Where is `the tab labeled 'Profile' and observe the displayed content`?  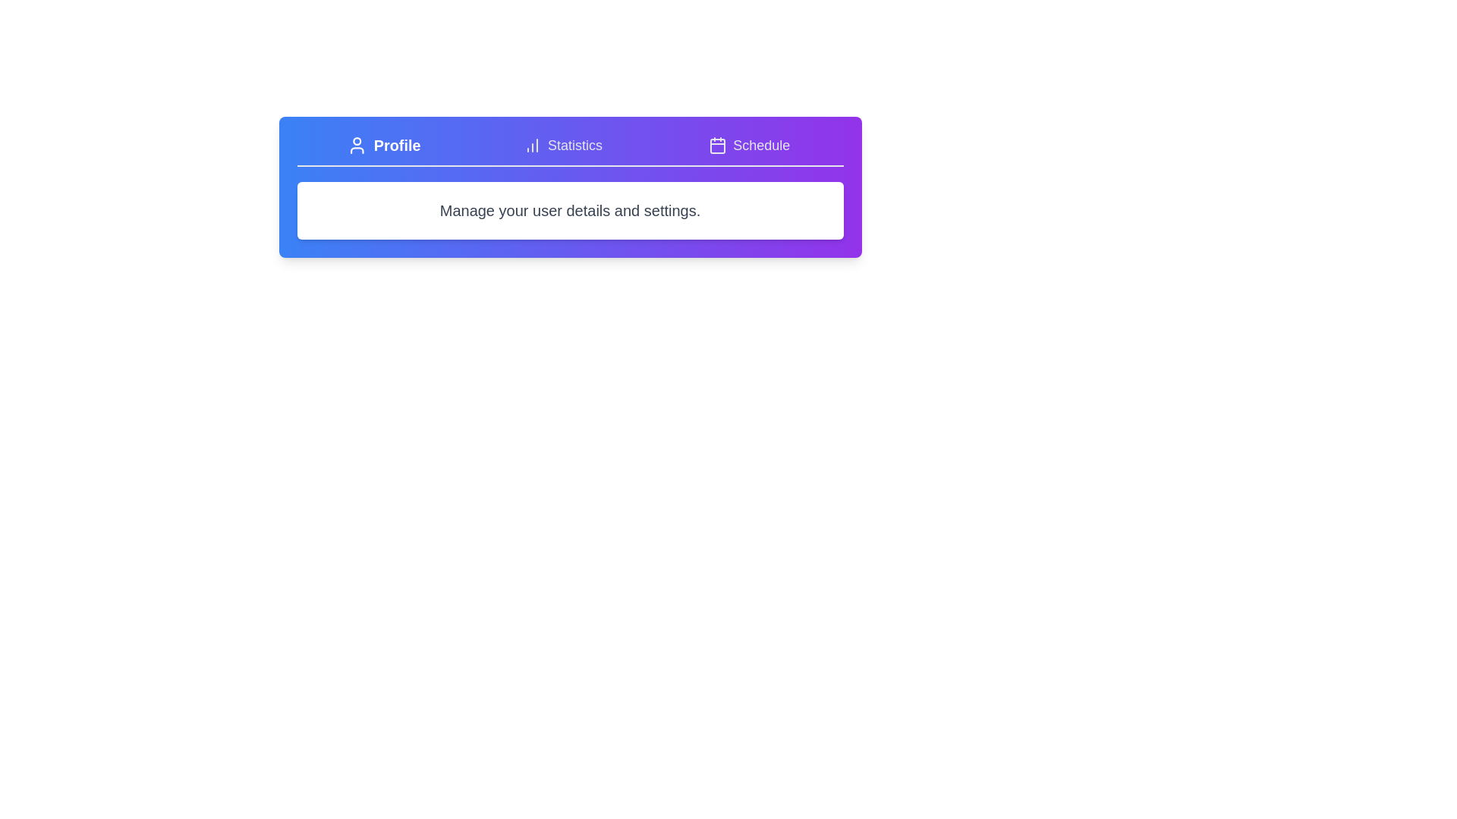
the tab labeled 'Profile' and observe the displayed content is located at coordinates (383, 146).